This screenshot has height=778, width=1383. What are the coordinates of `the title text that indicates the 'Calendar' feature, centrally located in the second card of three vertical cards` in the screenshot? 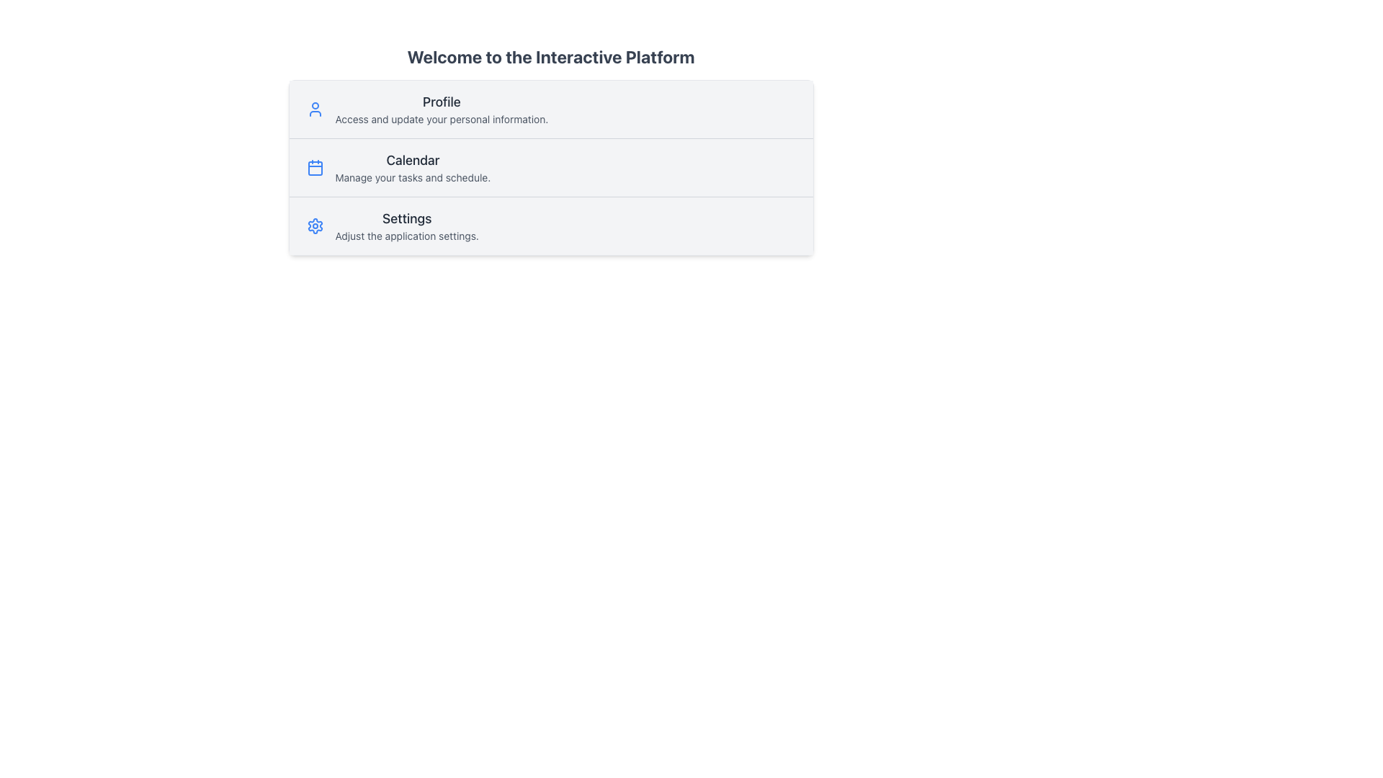 It's located at (412, 161).